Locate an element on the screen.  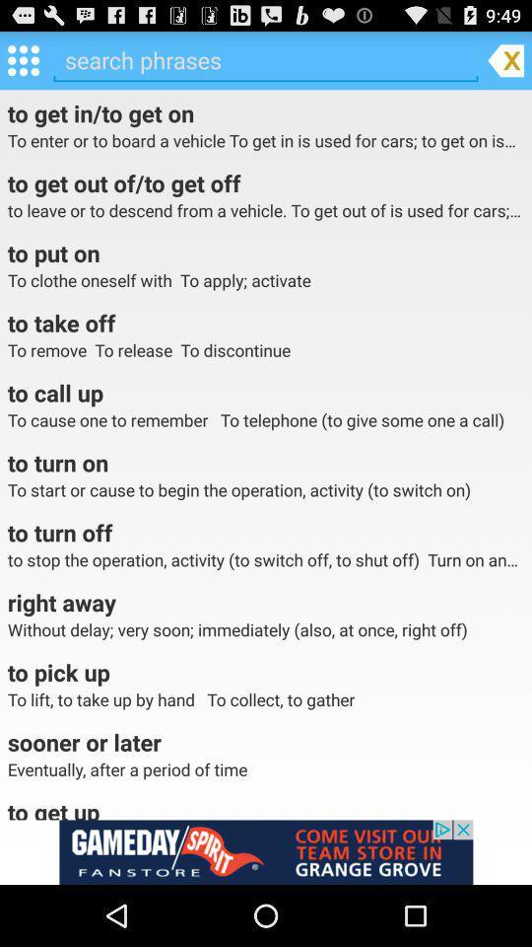
connect to advertisement is located at coordinates (266, 851).